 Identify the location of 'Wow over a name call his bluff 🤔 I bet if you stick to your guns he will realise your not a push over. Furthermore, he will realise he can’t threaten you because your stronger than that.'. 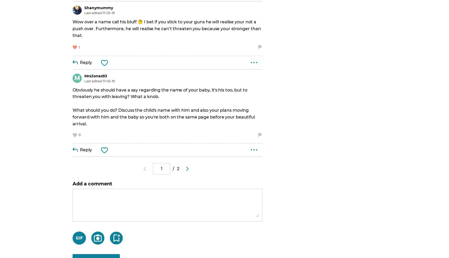
(167, 28).